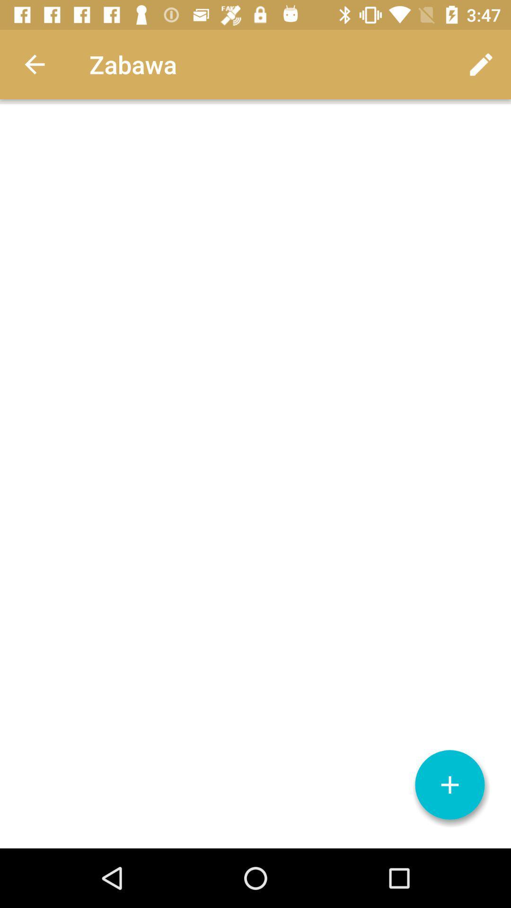 This screenshot has width=511, height=908. Describe the element at coordinates (449, 785) in the screenshot. I see `new` at that location.